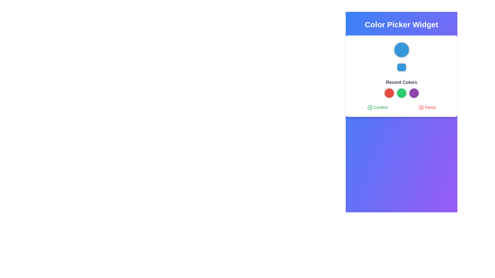 The width and height of the screenshot is (495, 278). Describe the element at coordinates (427, 107) in the screenshot. I see `the 'Reset' button located in the bottom-right corner of the 'Color Picker Widget' panel, featuring a red circular icon with an 'X' symbol next to the text` at that location.